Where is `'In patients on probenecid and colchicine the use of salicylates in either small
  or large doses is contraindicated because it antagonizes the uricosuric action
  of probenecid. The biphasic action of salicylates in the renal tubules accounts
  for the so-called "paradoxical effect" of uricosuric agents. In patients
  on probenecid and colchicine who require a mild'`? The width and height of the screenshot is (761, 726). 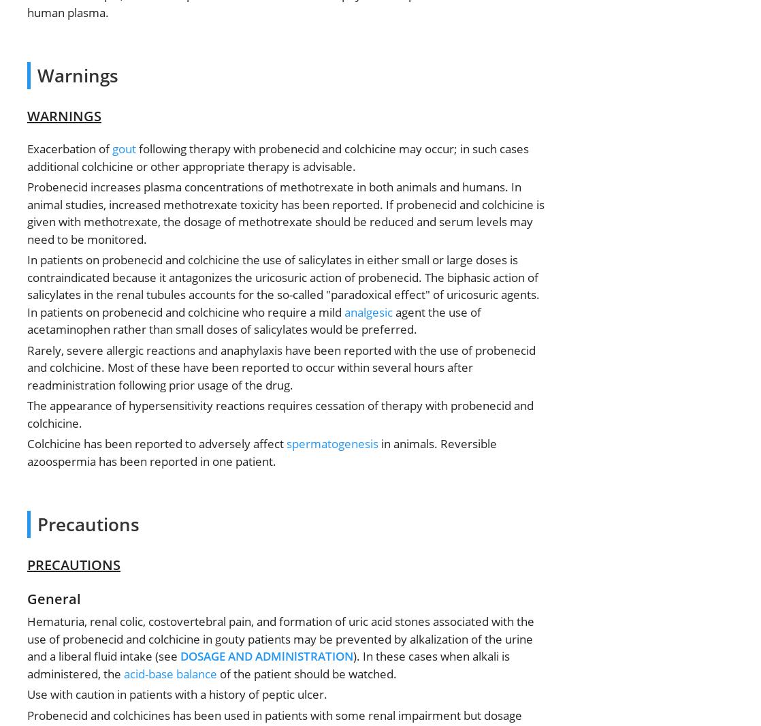 'In patients on probenecid and colchicine the use of salicylates in either small
  or large doses is contraindicated because it antagonizes the uricosuric action
  of probenecid. The biphasic action of salicylates in the renal tubules accounts
  for the so-called "paradoxical effect" of uricosuric agents. In patients
  on probenecid and colchicine who require a mild' is located at coordinates (282, 285).